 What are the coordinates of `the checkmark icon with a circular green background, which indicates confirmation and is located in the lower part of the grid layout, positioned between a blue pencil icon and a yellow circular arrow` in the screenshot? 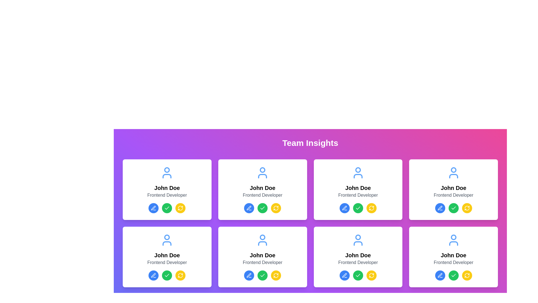 It's located at (358, 275).